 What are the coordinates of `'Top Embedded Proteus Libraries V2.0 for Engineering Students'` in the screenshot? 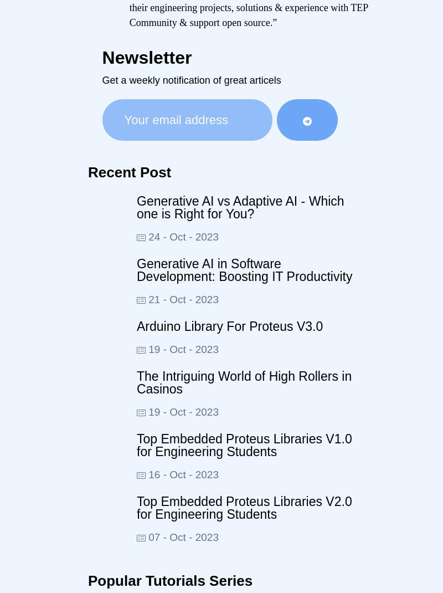 It's located at (136, 507).